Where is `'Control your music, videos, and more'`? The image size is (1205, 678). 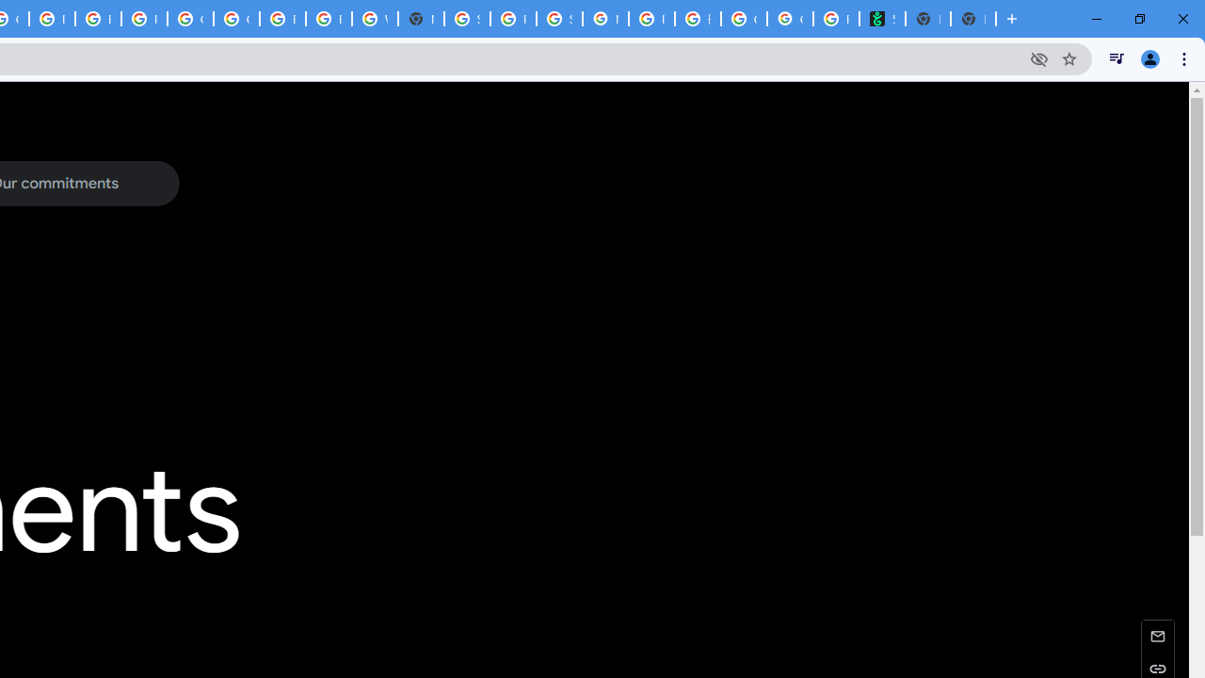
'Control your music, videos, and more' is located at coordinates (1116, 57).